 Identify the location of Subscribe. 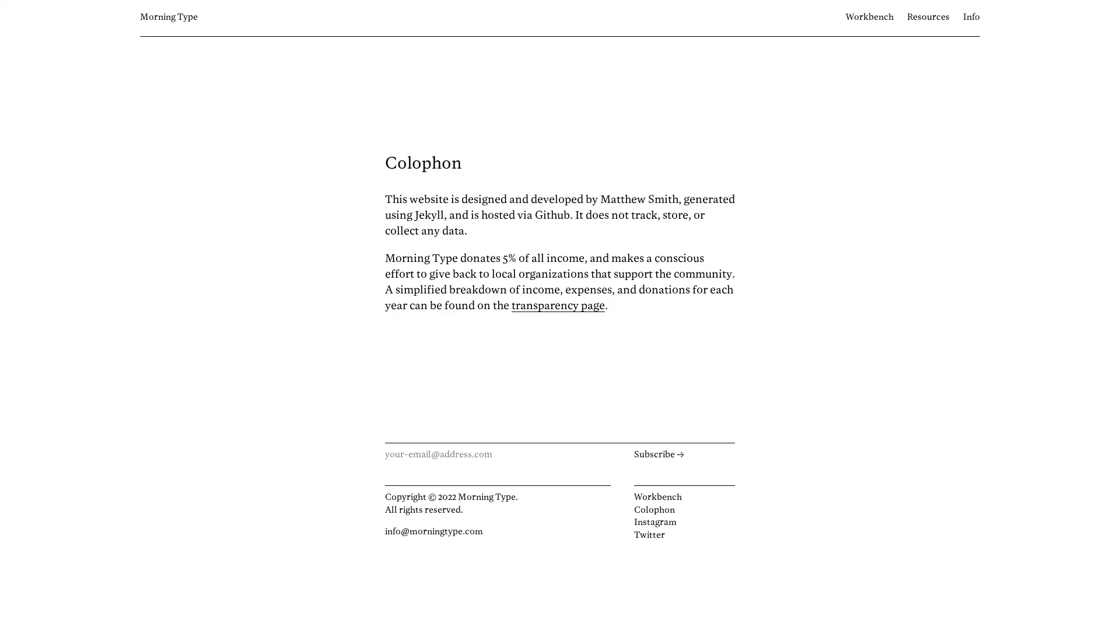
(684, 454).